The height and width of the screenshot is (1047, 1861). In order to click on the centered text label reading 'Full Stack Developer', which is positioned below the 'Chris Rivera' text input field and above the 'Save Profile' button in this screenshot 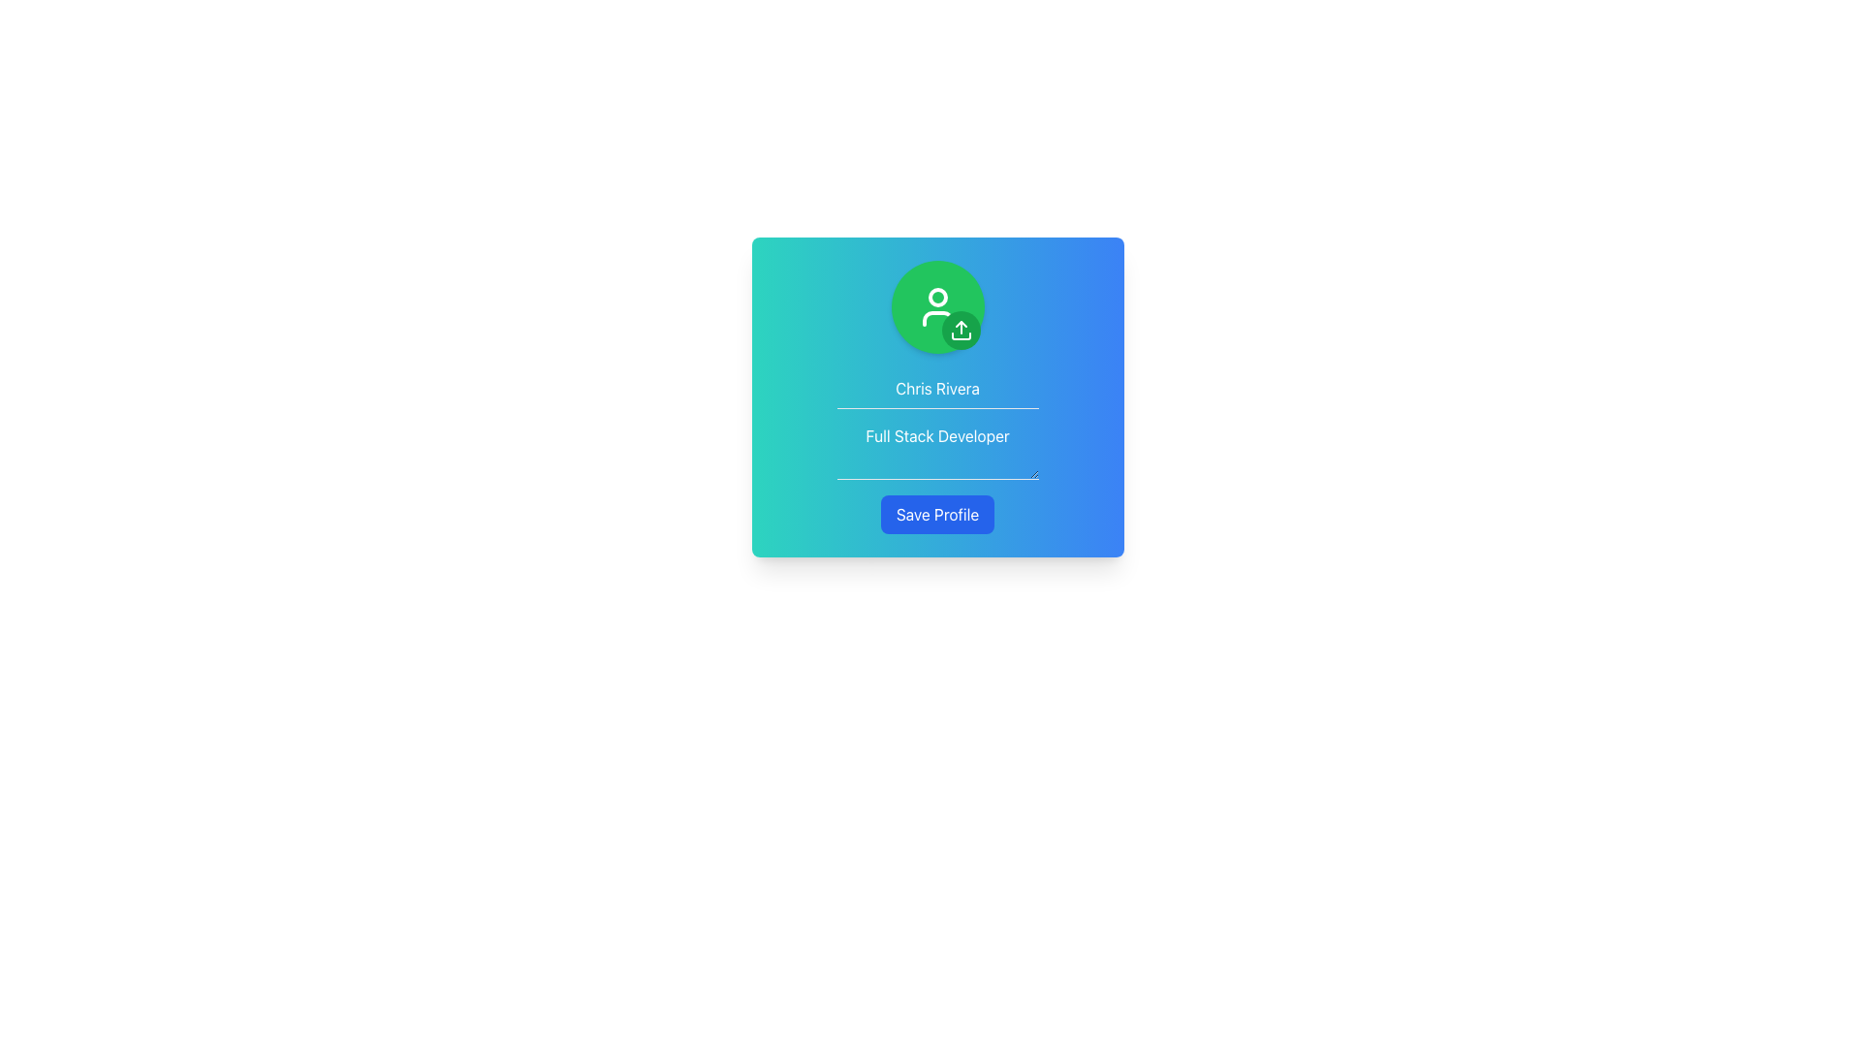, I will do `click(937, 424)`.